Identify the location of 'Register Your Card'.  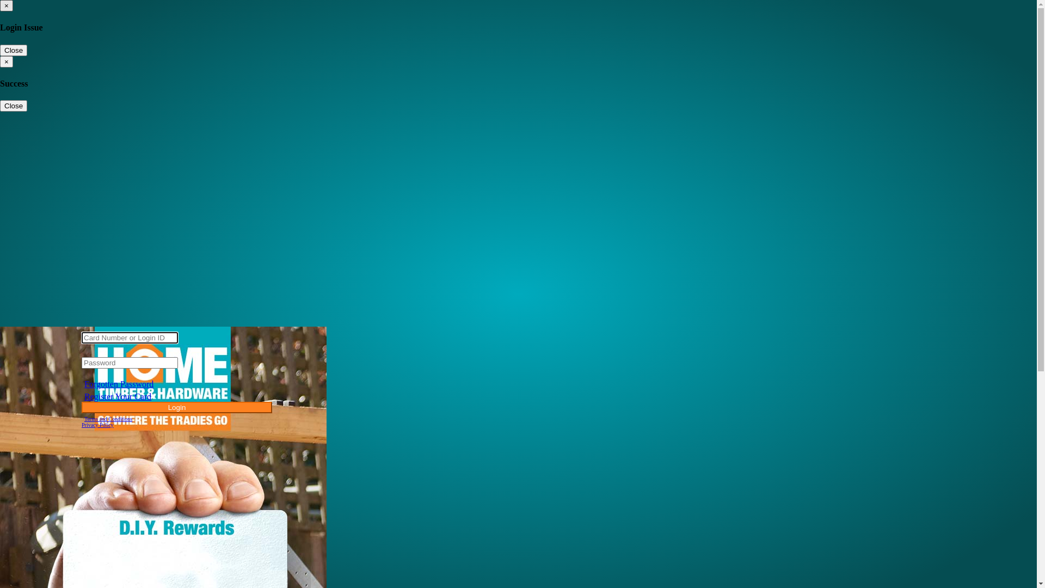
(118, 396).